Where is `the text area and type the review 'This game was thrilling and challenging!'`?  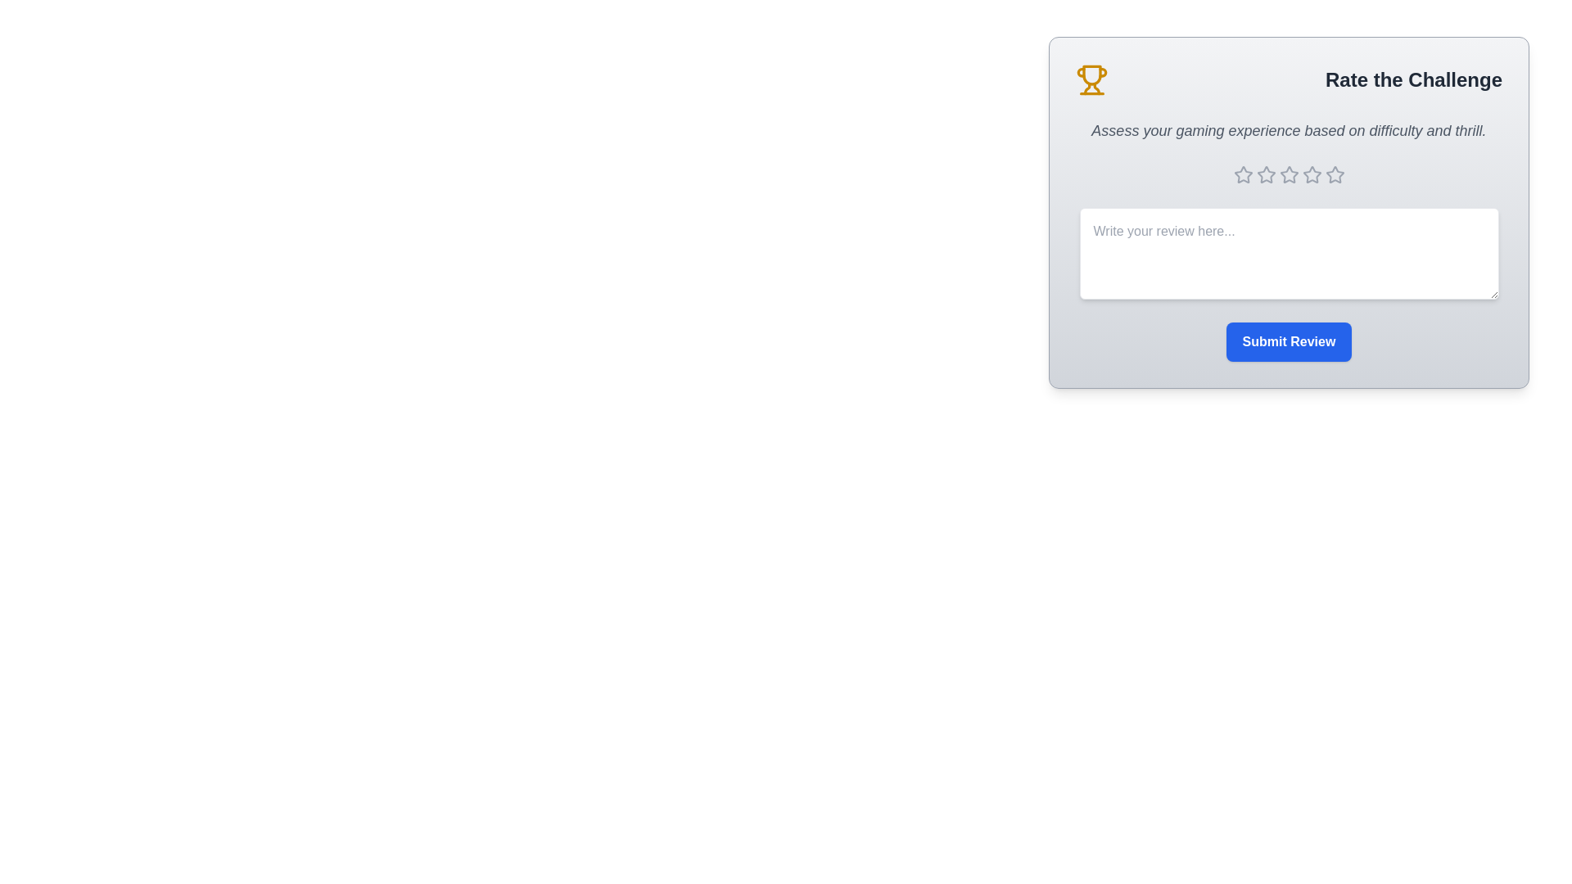
the text area and type the review 'This game was thrilling and challenging!' is located at coordinates (1288, 253).